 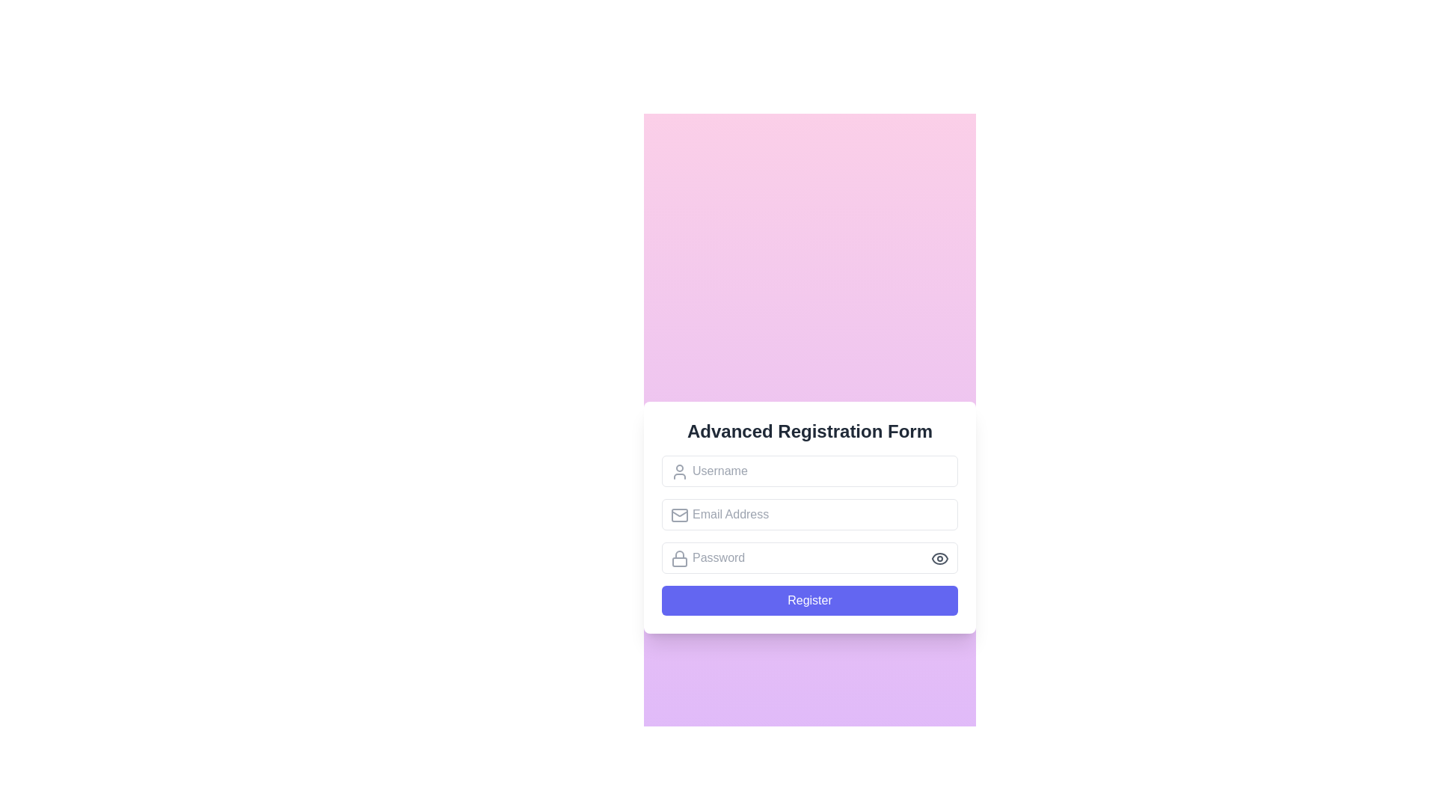 I want to click on the rectangular graphical component styled as an envelope icon, located inside the email input field next to the 'Email Address' placeholder, so click(x=678, y=515).